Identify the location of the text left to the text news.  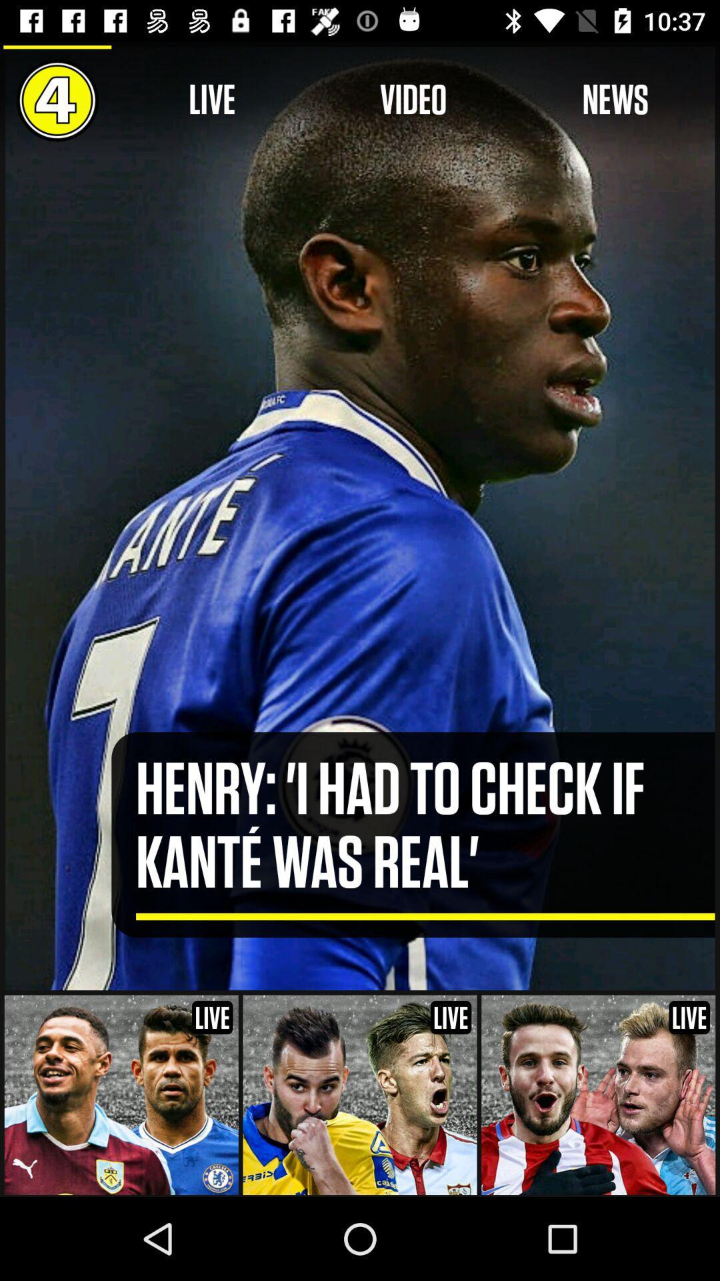
(413, 99).